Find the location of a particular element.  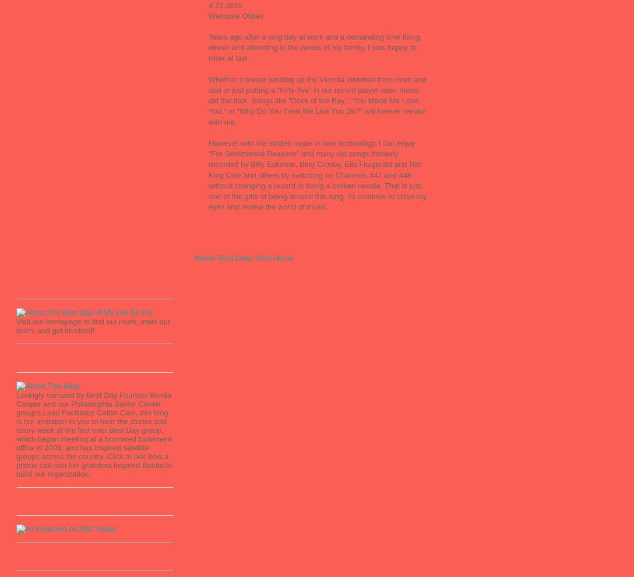

'Newer Post' is located at coordinates (213, 257).